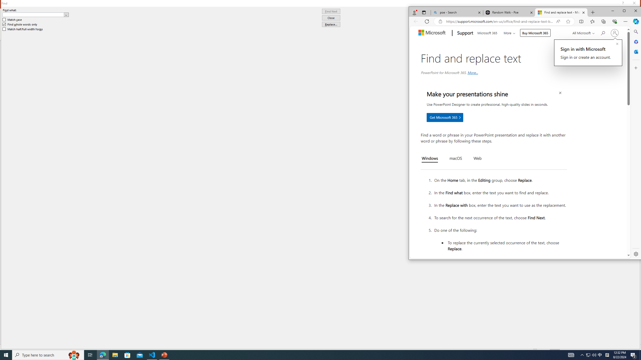 Image resolution: width=641 pixels, height=360 pixels. What do you see at coordinates (487, 32) in the screenshot?
I see `'Microsoft 365'` at bounding box center [487, 32].